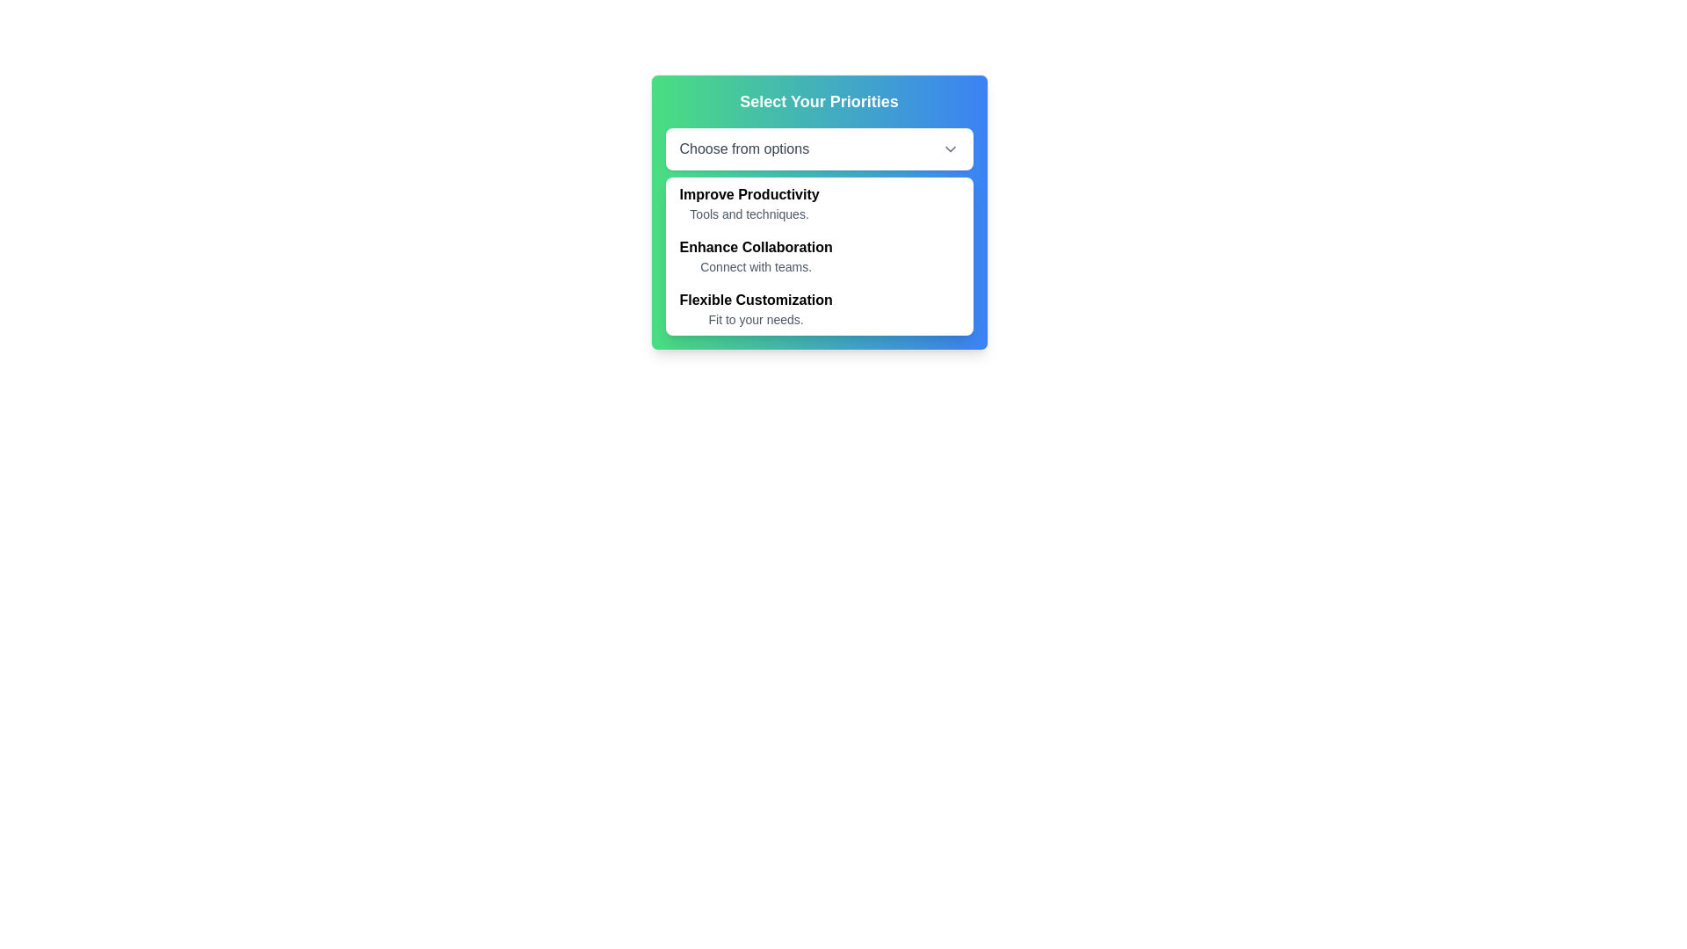 This screenshot has width=1687, height=949. I want to click on the first item in the list titled 'Improve Productivity', so click(818, 202).